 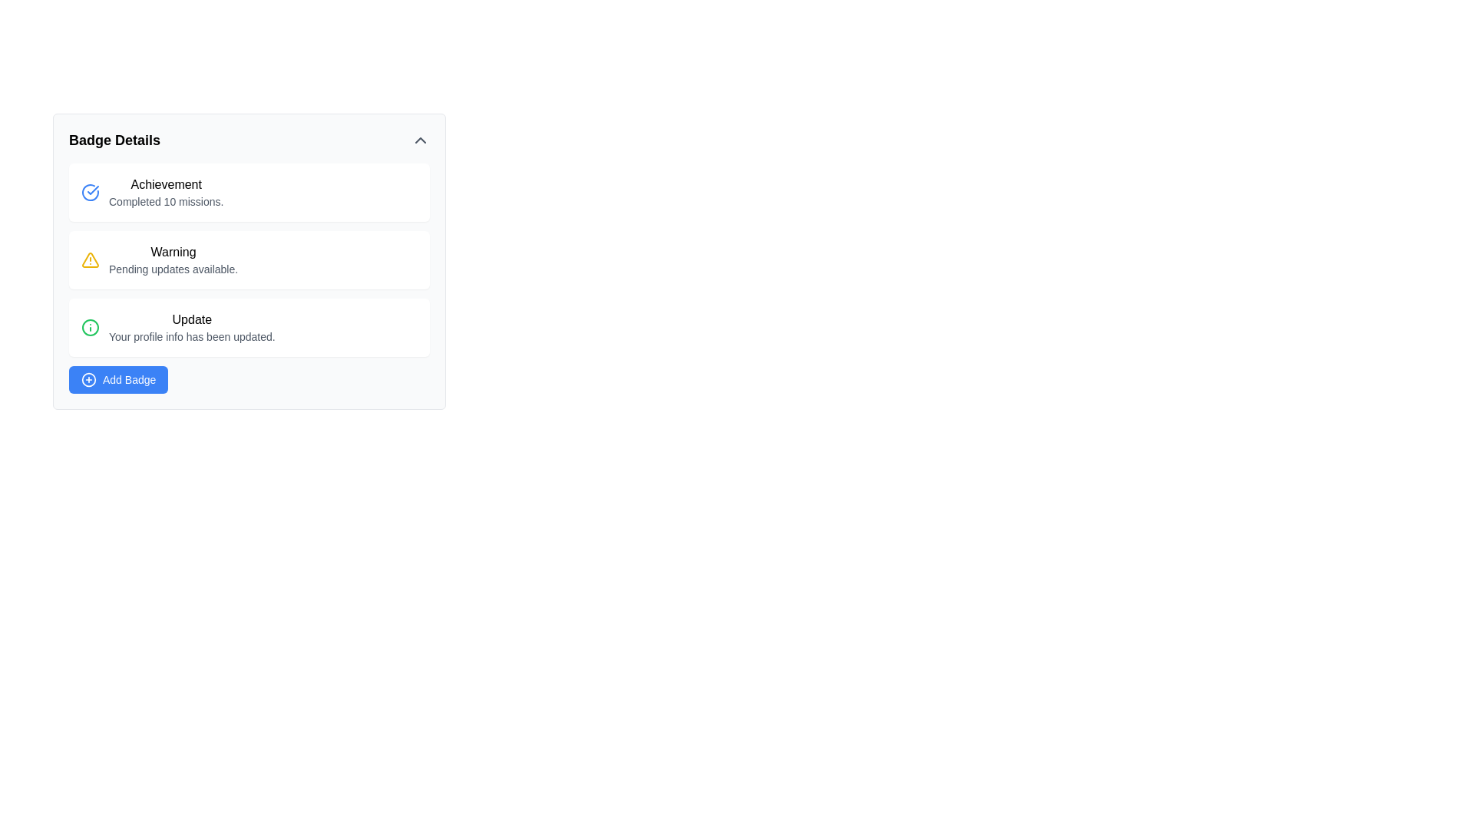 What do you see at coordinates (191, 319) in the screenshot?
I see `the Text Label that serves as a heading or title in the 'Badge Details' panel, located above the text 'Your profile info has been updated.'` at bounding box center [191, 319].